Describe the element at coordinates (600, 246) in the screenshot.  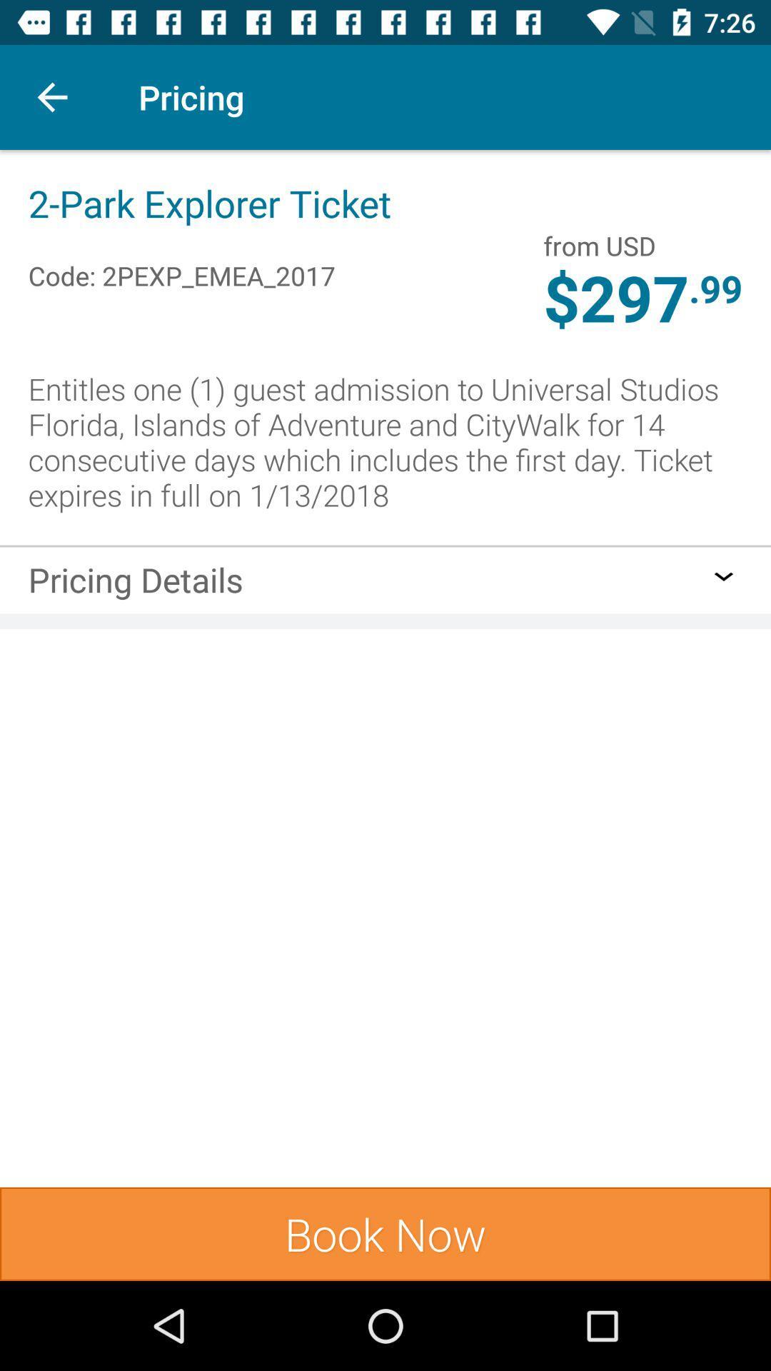
I see `icon next to 2 park explorer` at that location.